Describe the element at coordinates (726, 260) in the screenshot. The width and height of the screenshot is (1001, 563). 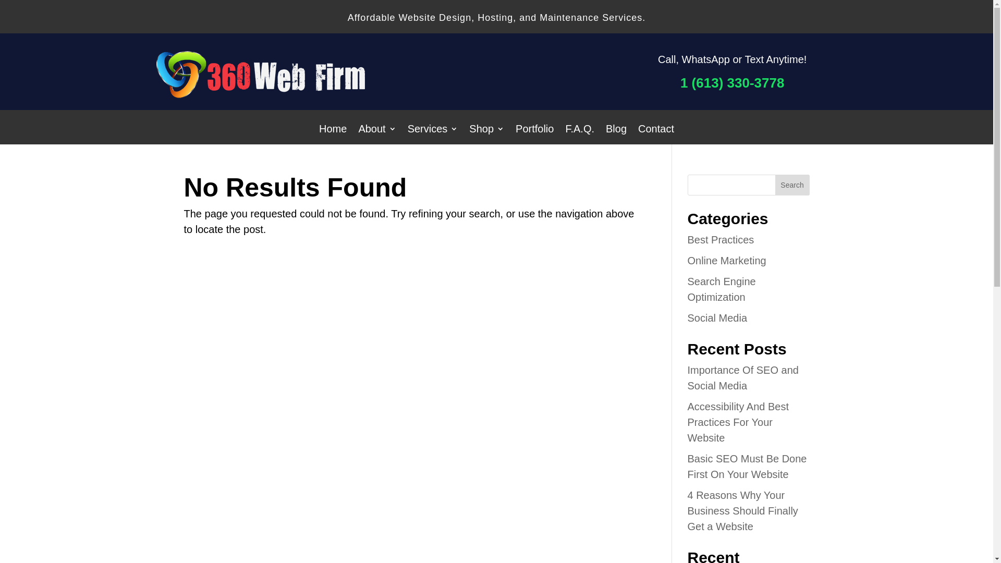
I see `'Online Marketing'` at that location.